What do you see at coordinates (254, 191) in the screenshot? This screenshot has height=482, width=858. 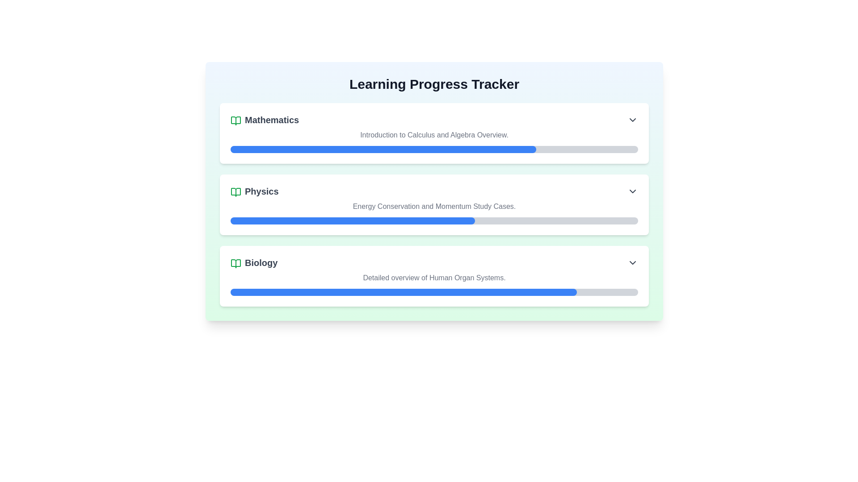 I see `the 'Physics' text header element, which is located in the second row of a vertical list, directly under the 'Mathematics' section and above the 'Biology' section, to interact with it if functionality applies` at bounding box center [254, 191].